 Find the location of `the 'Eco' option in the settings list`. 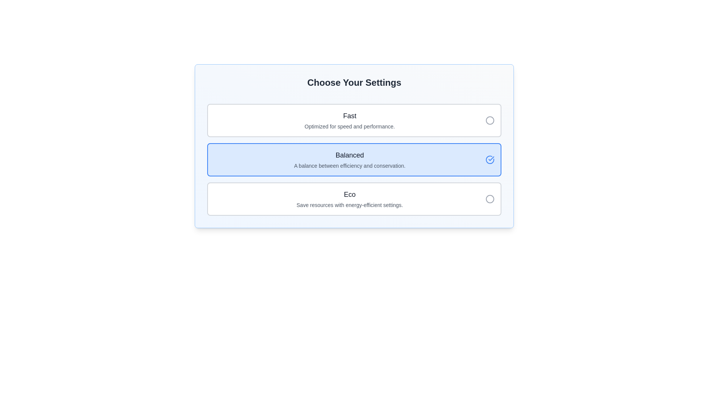

the 'Eco' option in the settings list is located at coordinates (354, 199).